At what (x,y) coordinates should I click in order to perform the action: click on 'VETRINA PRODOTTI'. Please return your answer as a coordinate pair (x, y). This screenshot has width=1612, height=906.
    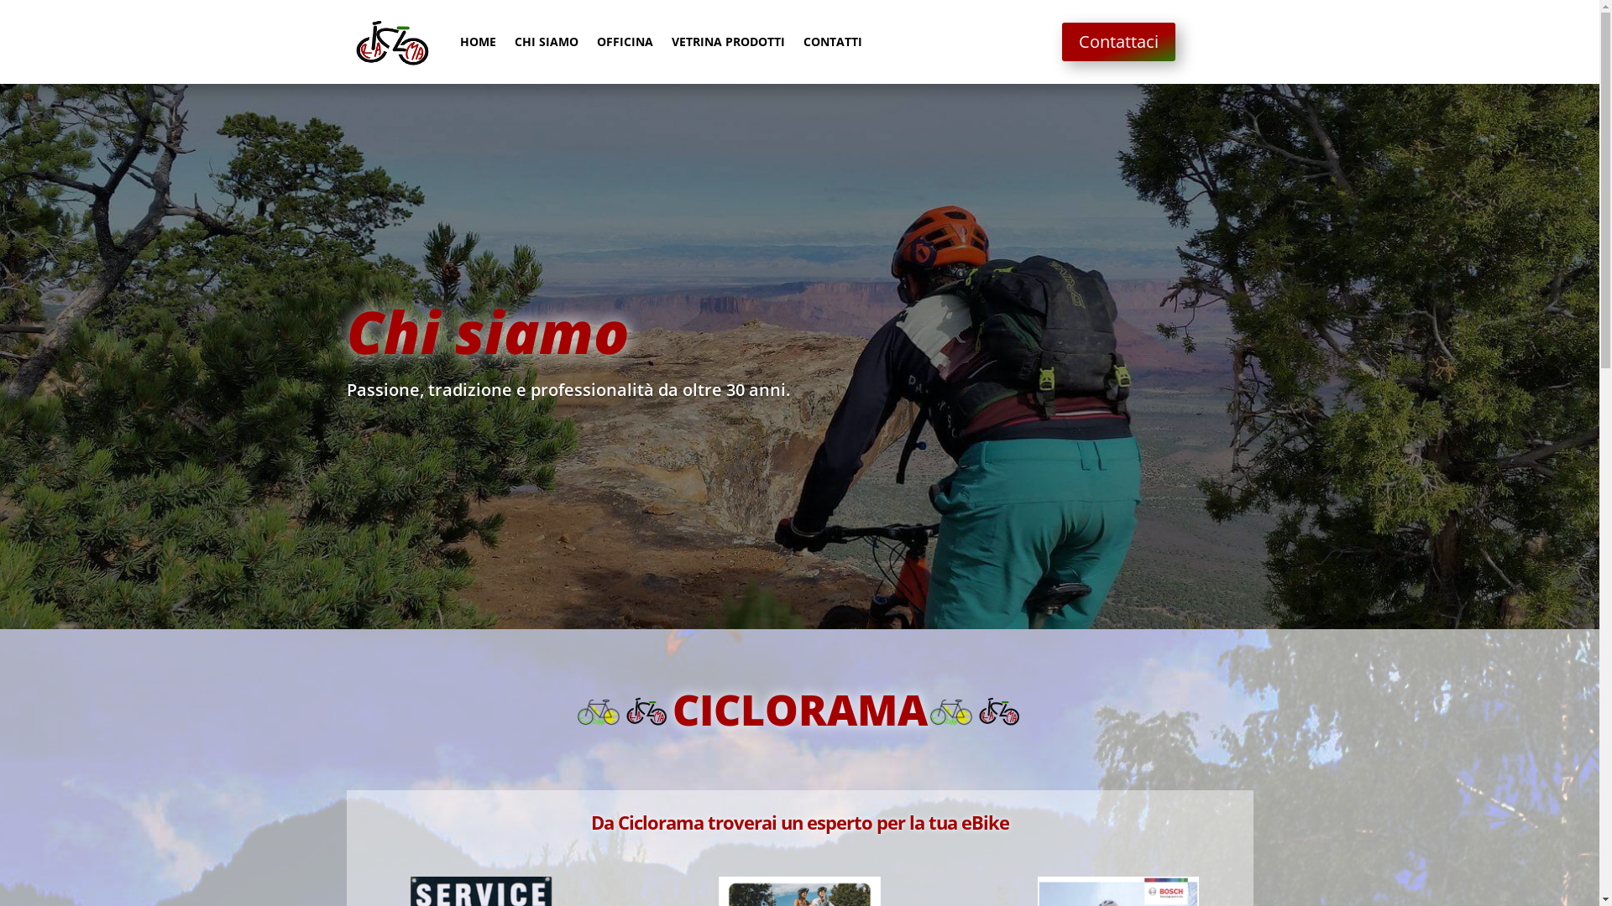
    Looking at the image, I should click on (728, 41).